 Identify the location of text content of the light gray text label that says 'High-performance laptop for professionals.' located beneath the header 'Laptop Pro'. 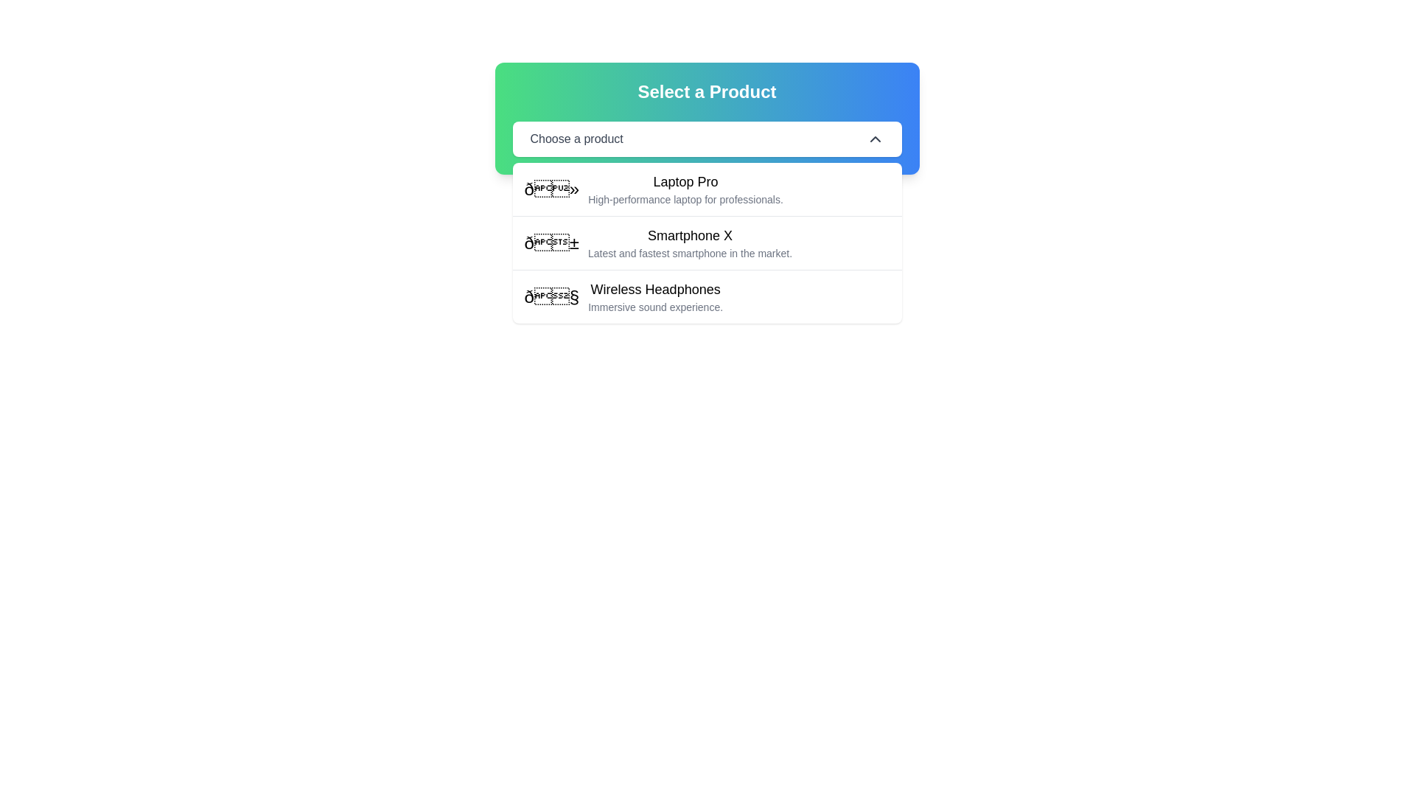
(685, 199).